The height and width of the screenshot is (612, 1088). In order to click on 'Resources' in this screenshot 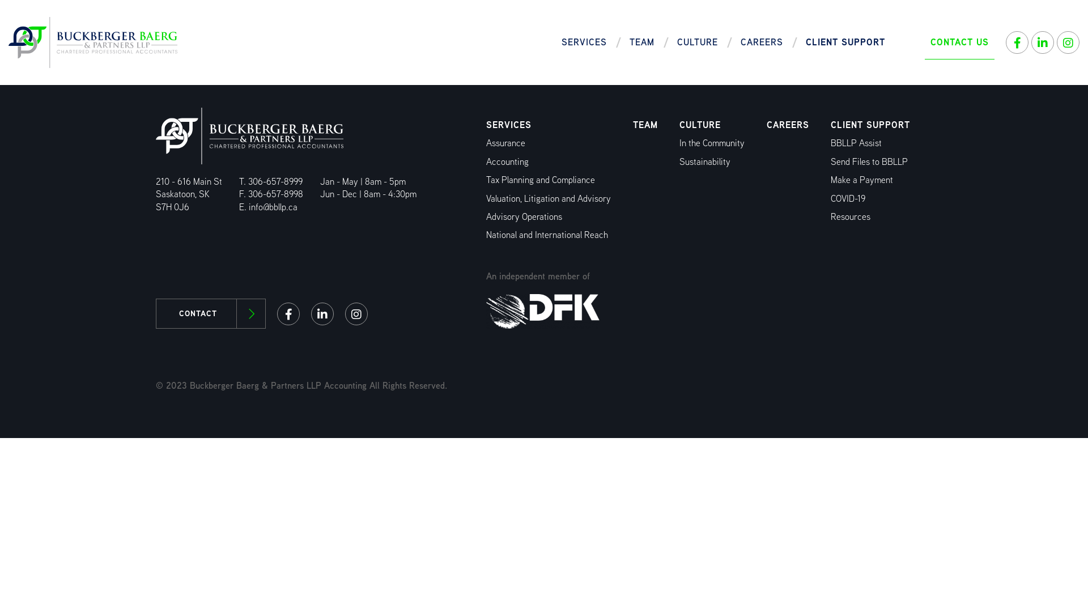, I will do `click(851, 216)`.